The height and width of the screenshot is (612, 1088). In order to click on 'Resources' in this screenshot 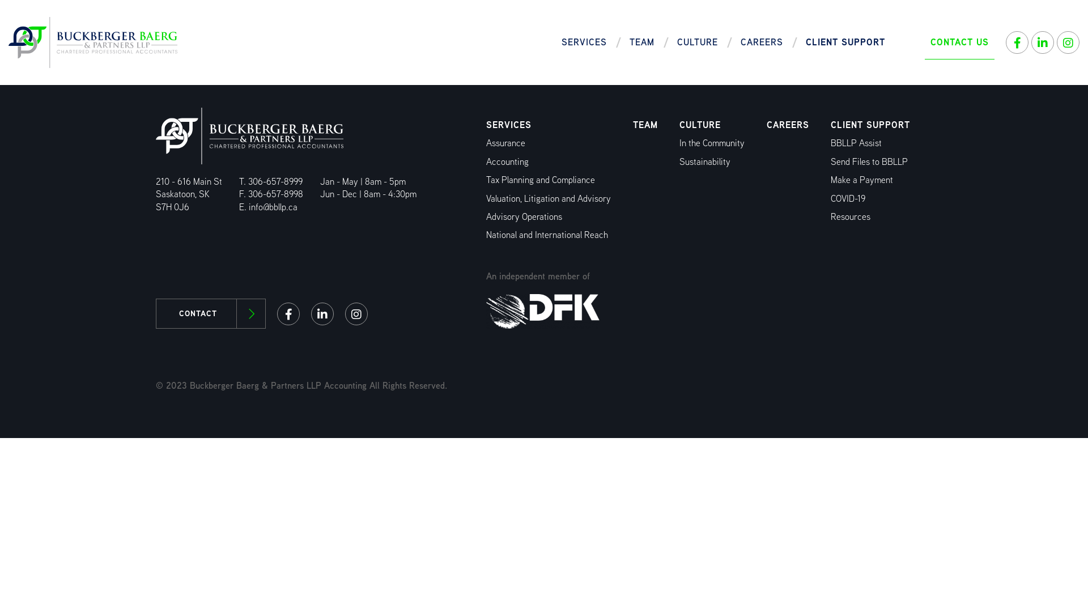, I will do `click(851, 216)`.